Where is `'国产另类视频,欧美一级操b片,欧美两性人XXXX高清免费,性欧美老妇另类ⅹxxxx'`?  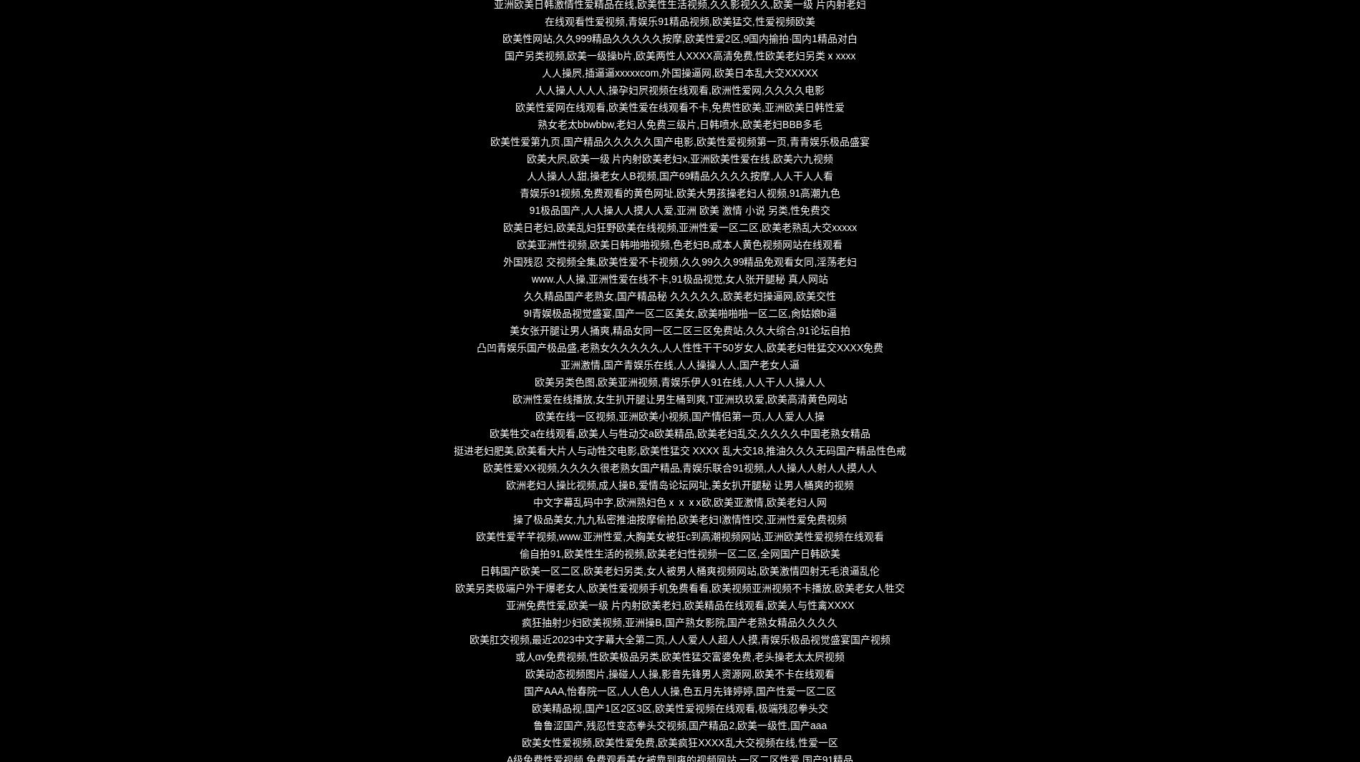 '国产另类视频,欧美一级操b片,欧美两性人XXXX高清免费,性欧美老妇另类ⅹxxxx' is located at coordinates (679, 54).